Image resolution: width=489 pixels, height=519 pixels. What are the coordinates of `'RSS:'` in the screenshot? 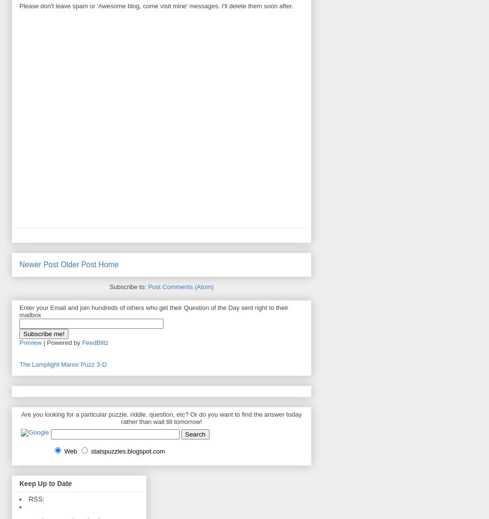 It's located at (37, 499).